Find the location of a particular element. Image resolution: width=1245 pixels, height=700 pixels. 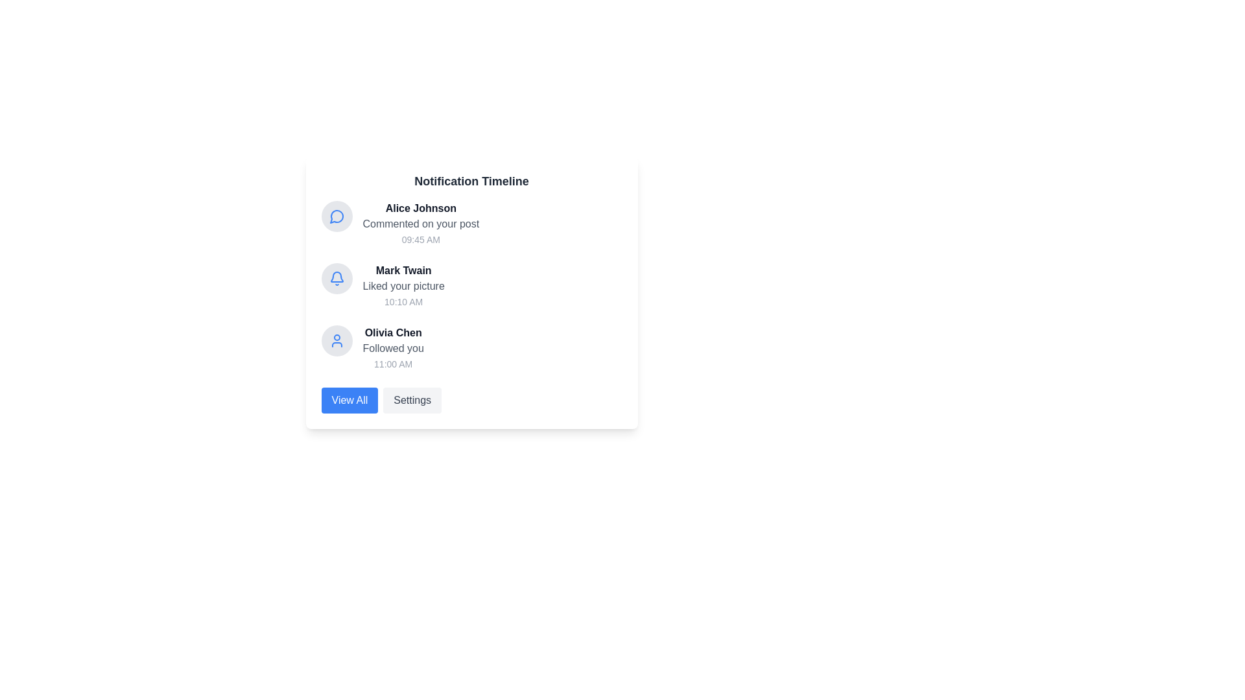

the blue bell icon is located at coordinates (337, 277).